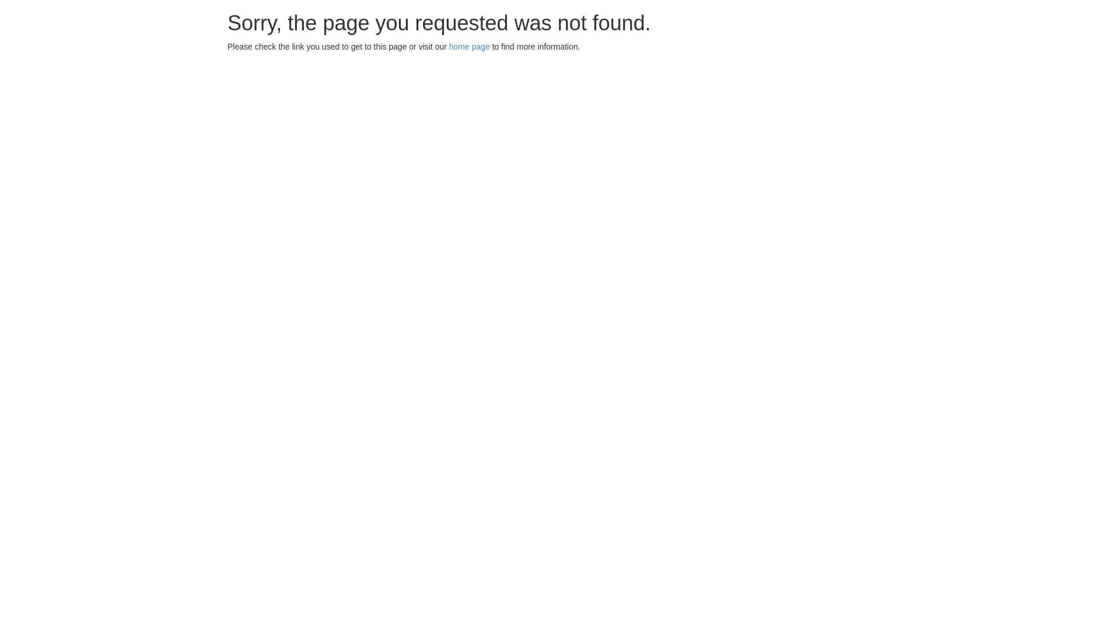 This screenshot has width=1120, height=630. I want to click on 'home page', so click(470, 46).